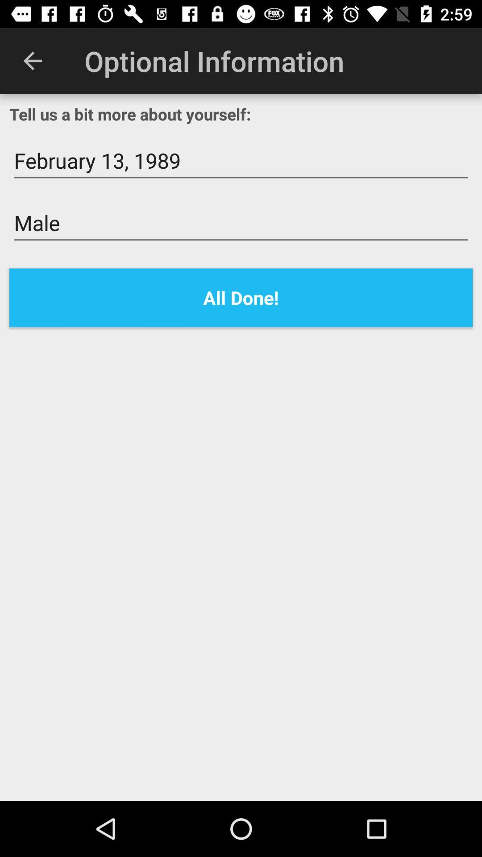 The image size is (482, 857). Describe the element at coordinates (241, 298) in the screenshot. I see `item at the center` at that location.